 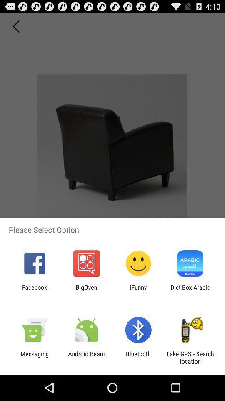 I want to click on item to the left of the ifunny, so click(x=86, y=291).